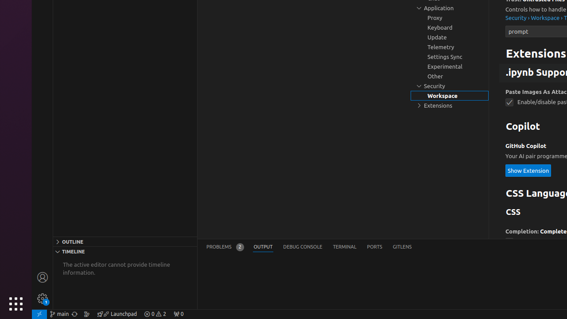 This screenshot has width=567, height=319. Describe the element at coordinates (263, 247) in the screenshot. I see `'Output (Ctrl+K Ctrl+H)'` at that location.